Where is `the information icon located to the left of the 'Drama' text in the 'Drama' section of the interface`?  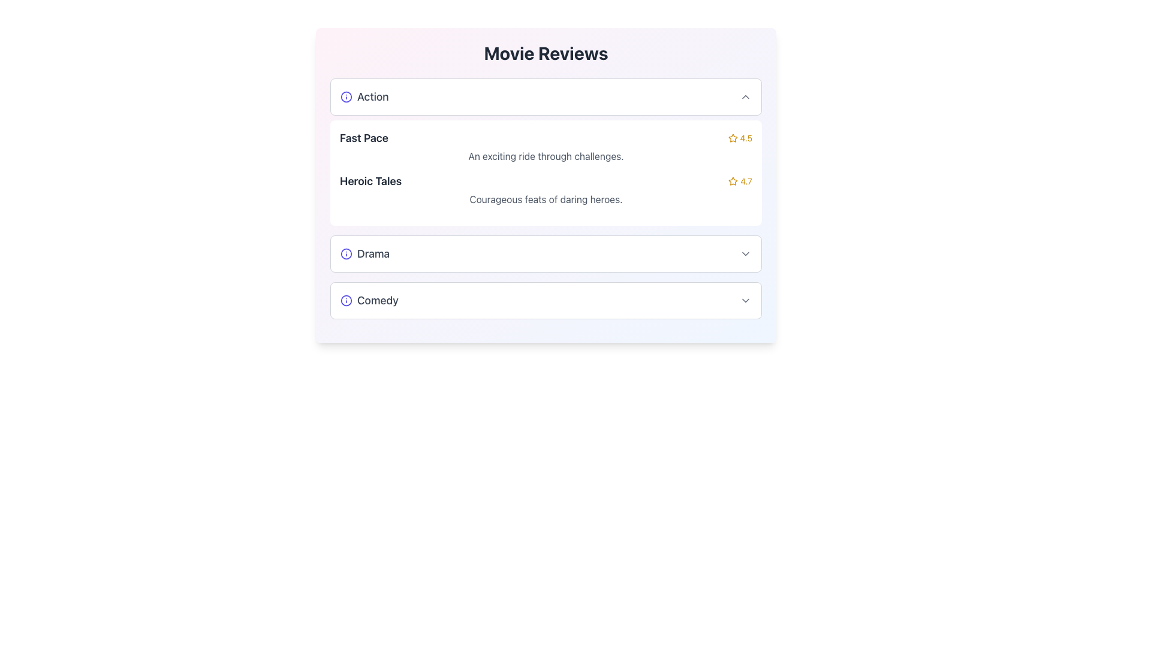 the information icon located to the left of the 'Drama' text in the 'Drama' section of the interface is located at coordinates (345, 253).